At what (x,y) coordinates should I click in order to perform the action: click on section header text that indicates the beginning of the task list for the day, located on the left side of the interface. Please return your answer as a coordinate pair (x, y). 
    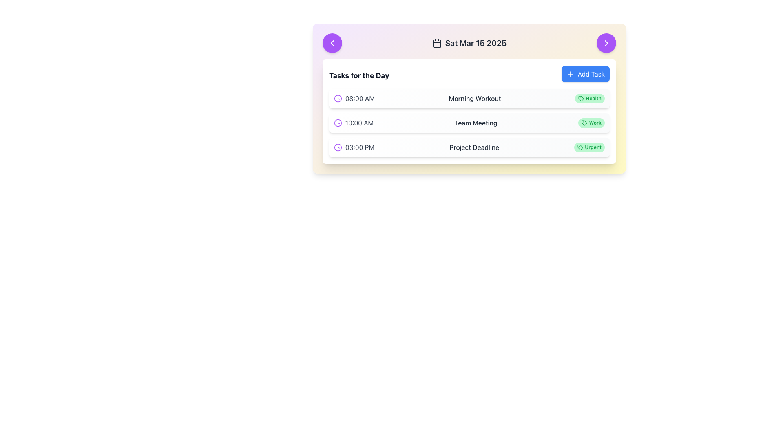
    Looking at the image, I should click on (359, 75).